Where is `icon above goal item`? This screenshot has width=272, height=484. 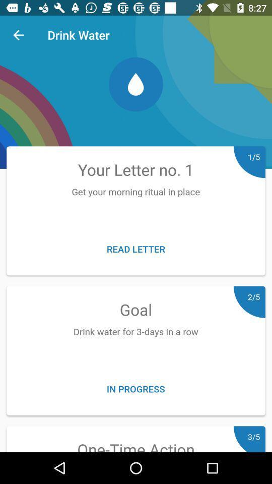 icon above goal item is located at coordinates (136, 248).